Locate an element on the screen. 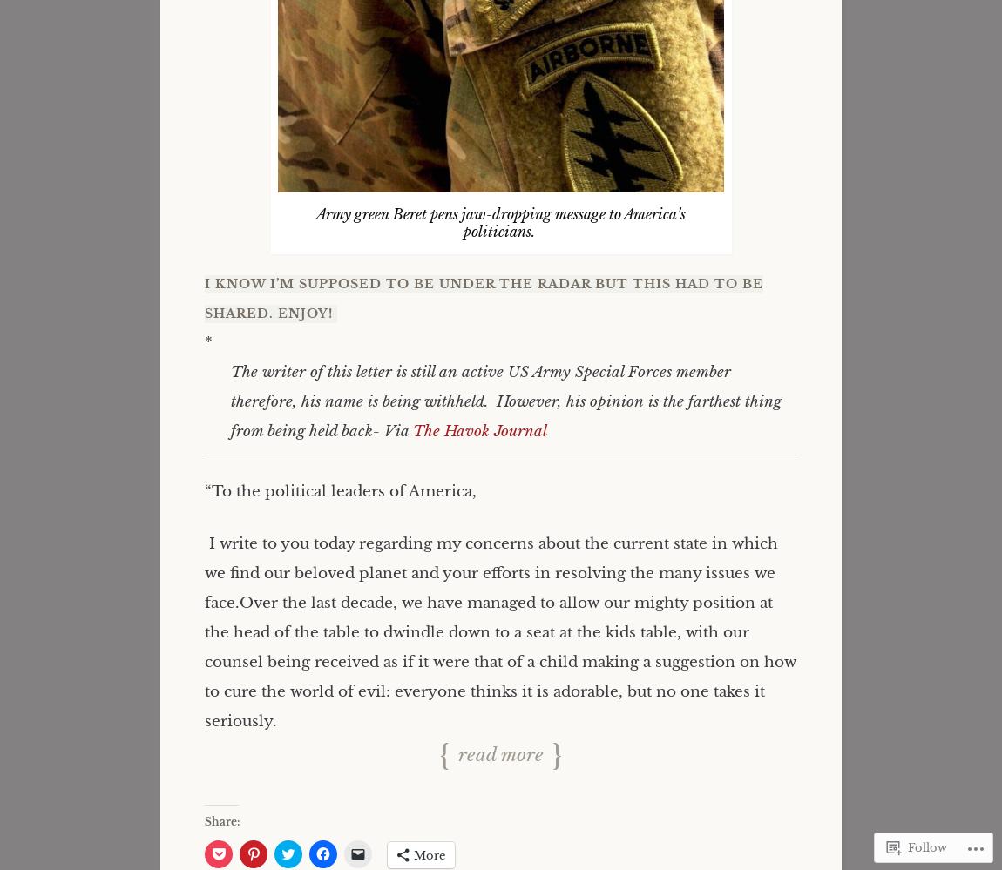 This screenshot has width=1002, height=870. 'Share:' is located at coordinates (220, 820).